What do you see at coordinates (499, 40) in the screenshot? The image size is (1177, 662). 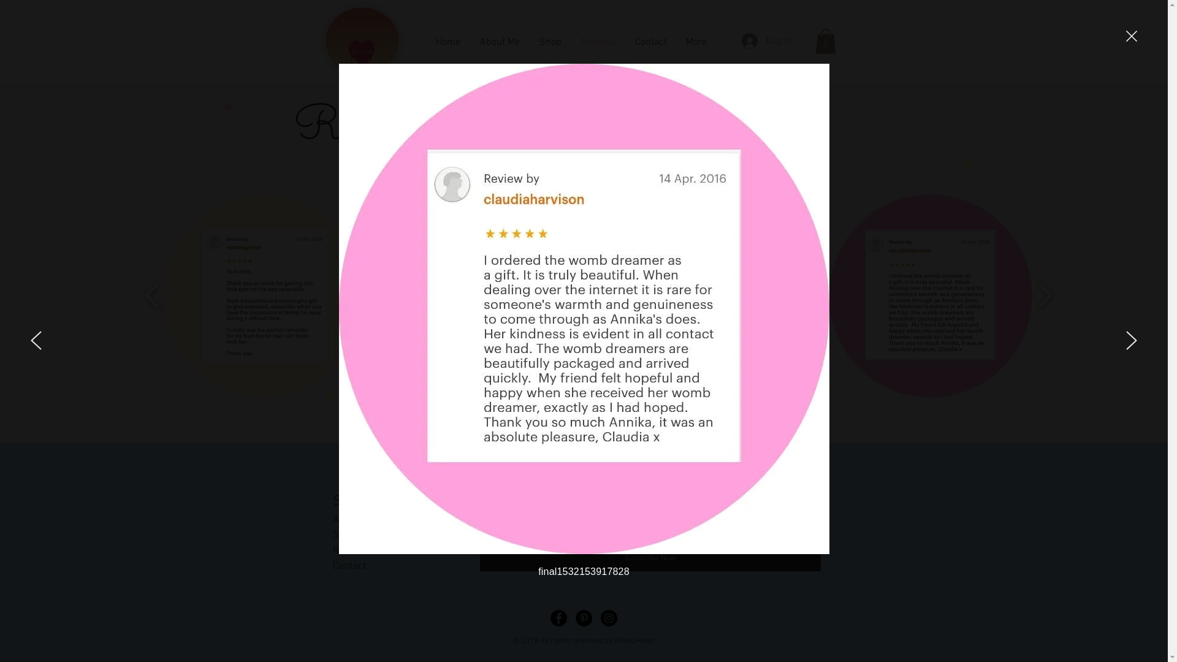 I see `'About Me'` at bounding box center [499, 40].